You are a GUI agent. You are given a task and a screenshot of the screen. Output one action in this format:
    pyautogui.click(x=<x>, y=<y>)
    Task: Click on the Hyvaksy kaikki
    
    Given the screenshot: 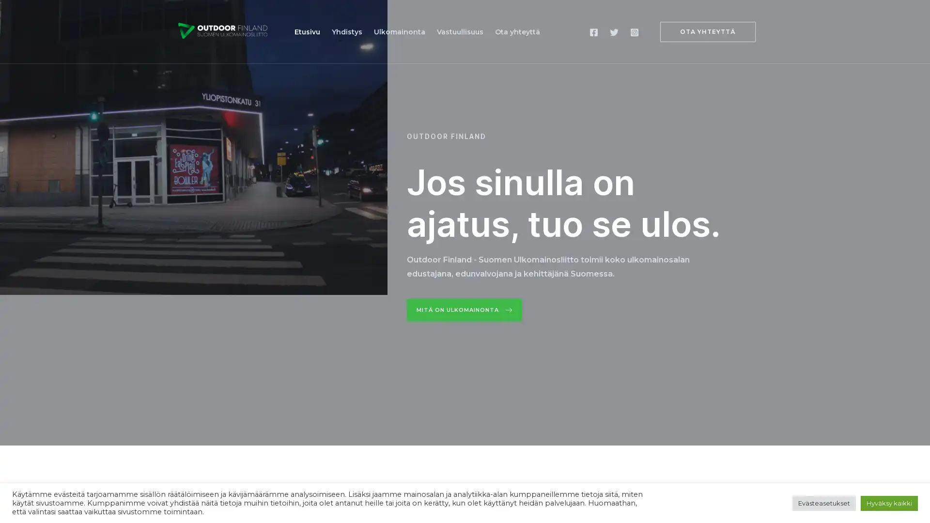 What is the action you would take?
    pyautogui.click(x=889, y=502)
    